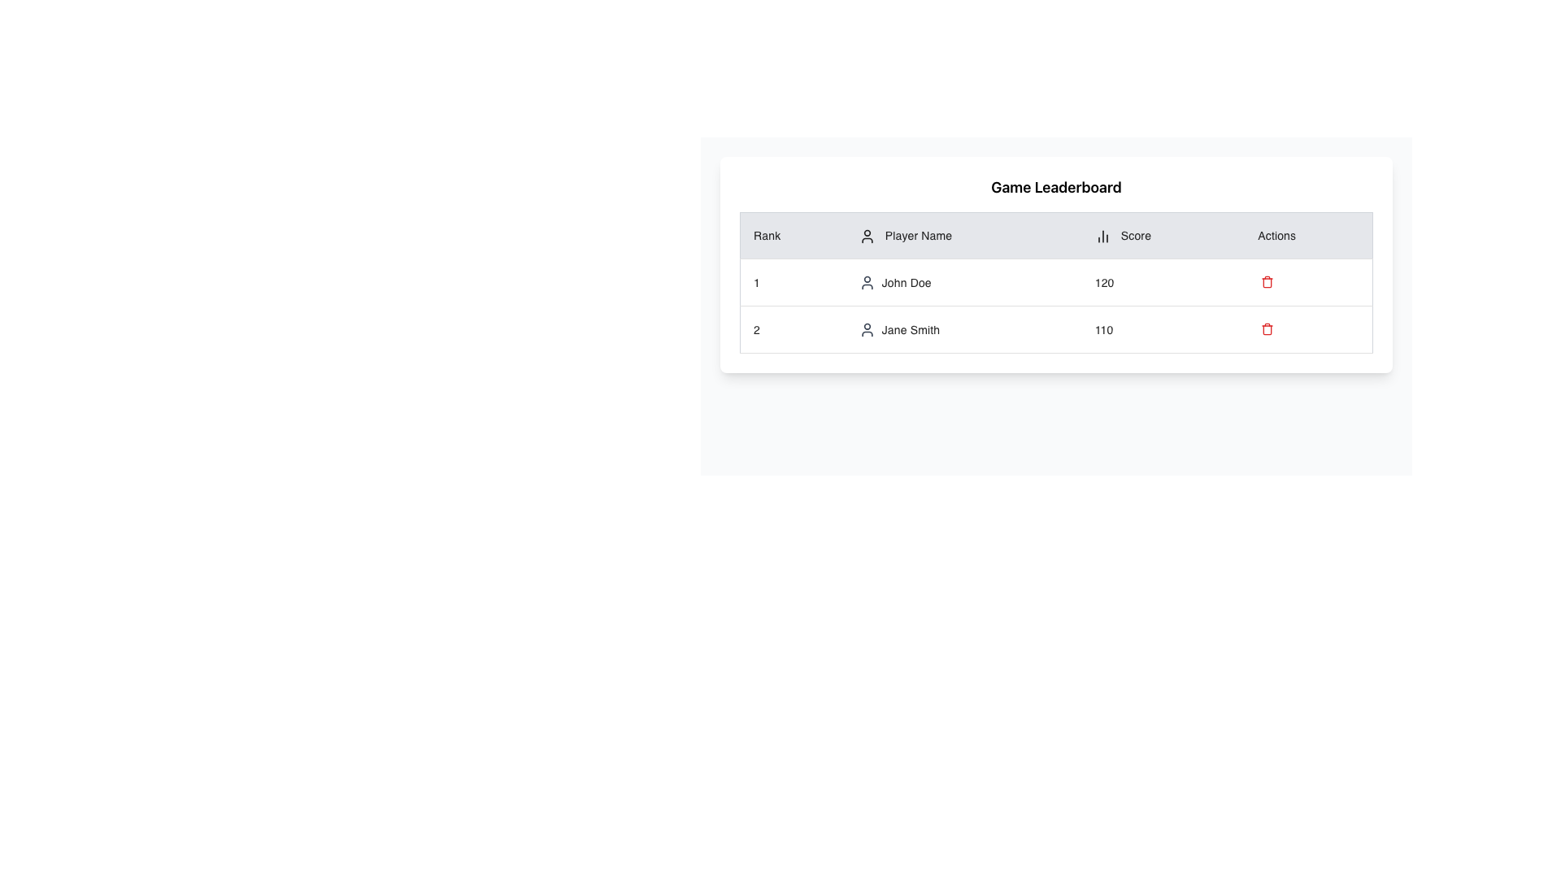 The width and height of the screenshot is (1561, 878). What do you see at coordinates (1056, 281) in the screenshot?
I see `the first row of the leaderboard table` at bounding box center [1056, 281].